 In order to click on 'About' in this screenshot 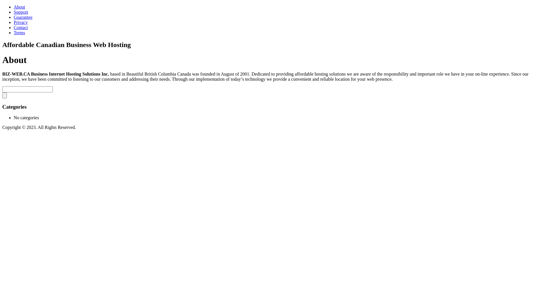, I will do `click(19, 7)`.